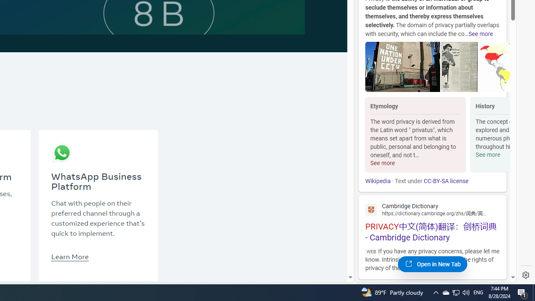 Image resolution: width=535 pixels, height=301 pixels. What do you see at coordinates (371, 209) in the screenshot?
I see `'Global web icon'` at bounding box center [371, 209].